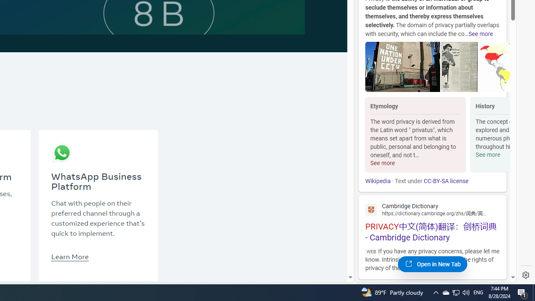 Image resolution: width=535 pixels, height=301 pixels. What do you see at coordinates (371, 209) in the screenshot?
I see `'Global web icon'` at bounding box center [371, 209].